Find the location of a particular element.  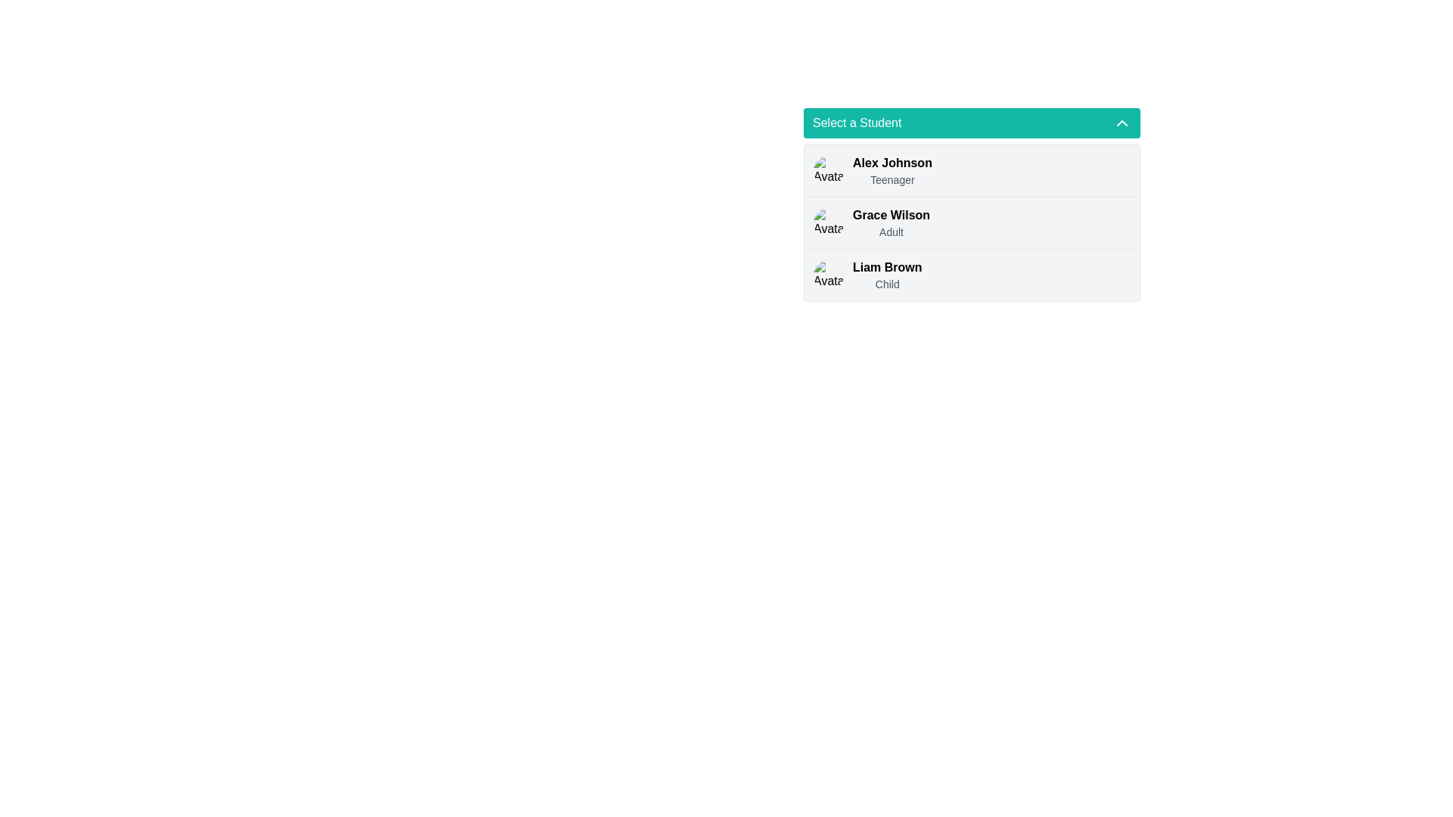

text label displaying 'Alex Johnson' in bold font style, which is the topmost entry in the dropdown list under 'Select a Student' is located at coordinates (892, 163).